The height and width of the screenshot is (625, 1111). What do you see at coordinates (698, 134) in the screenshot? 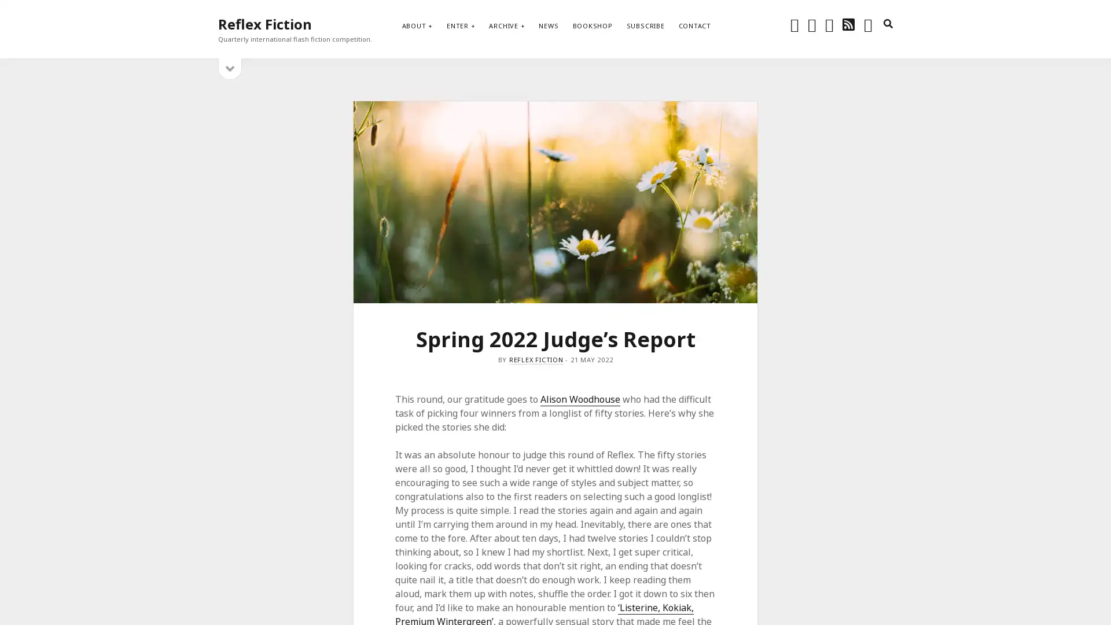
I see `Subscribe` at bounding box center [698, 134].